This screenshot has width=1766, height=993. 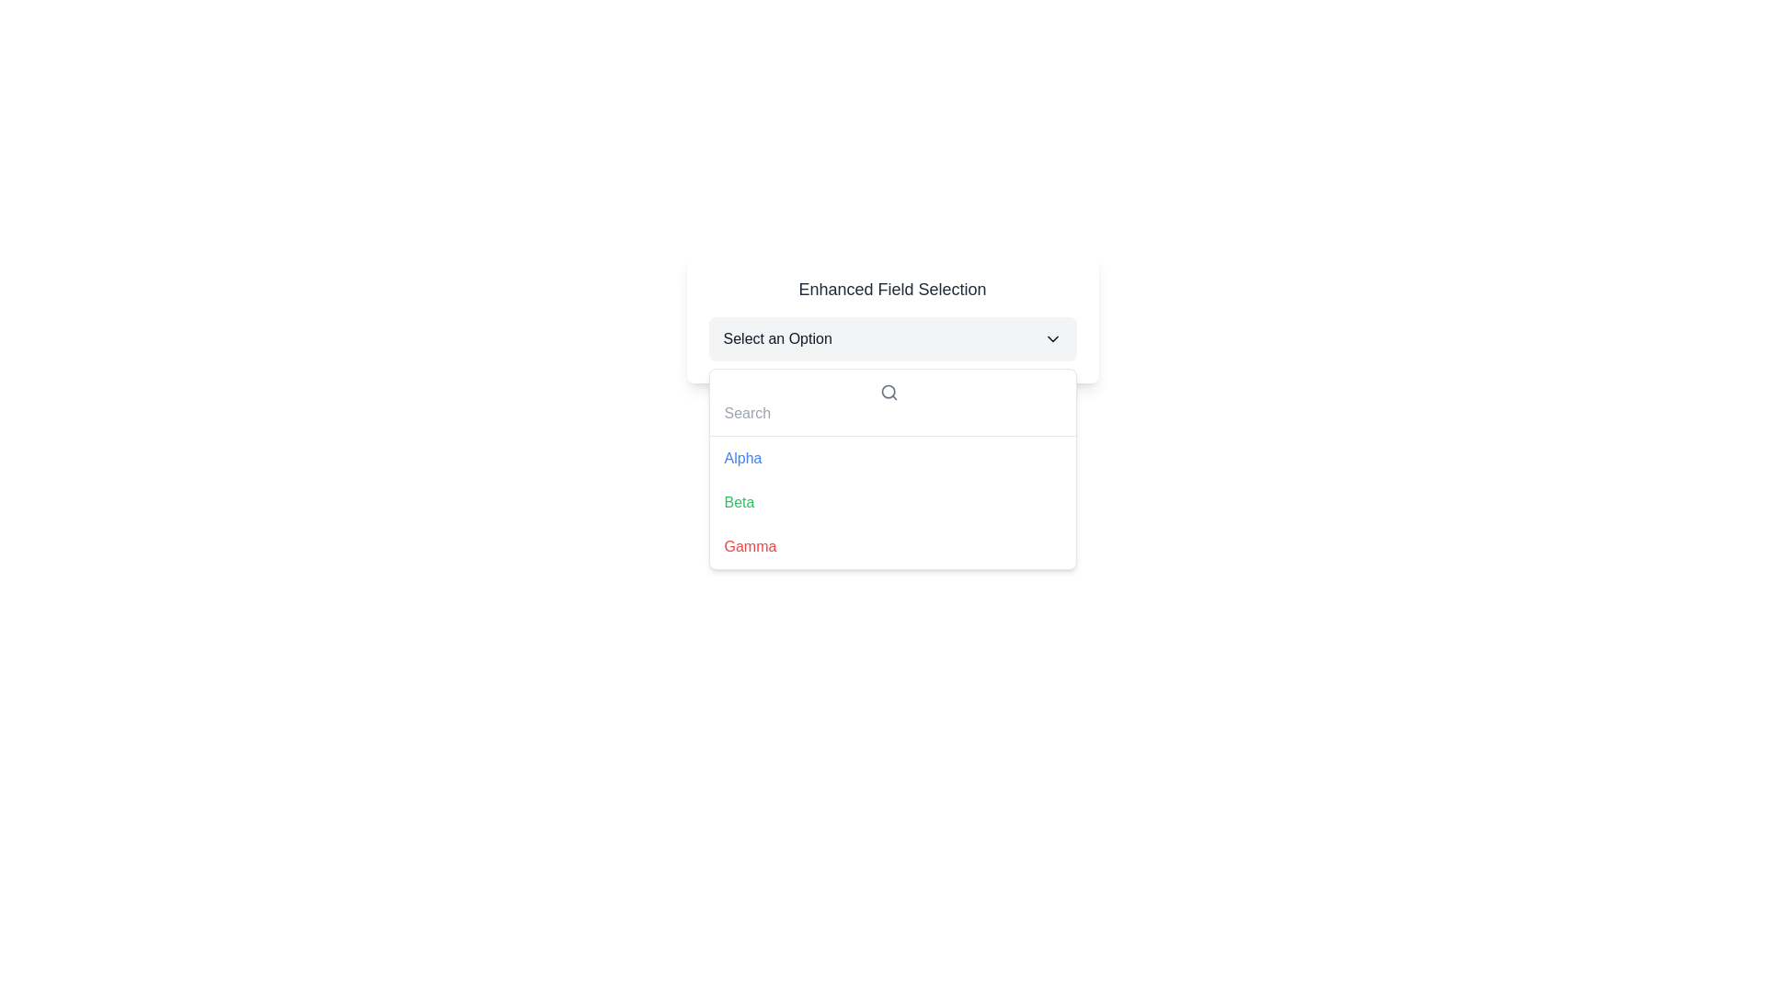 I want to click on the downward-pointing chevron icon located to the far right of 'Select an Option' within the dropdown selection field, so click(x=1052, y=339).